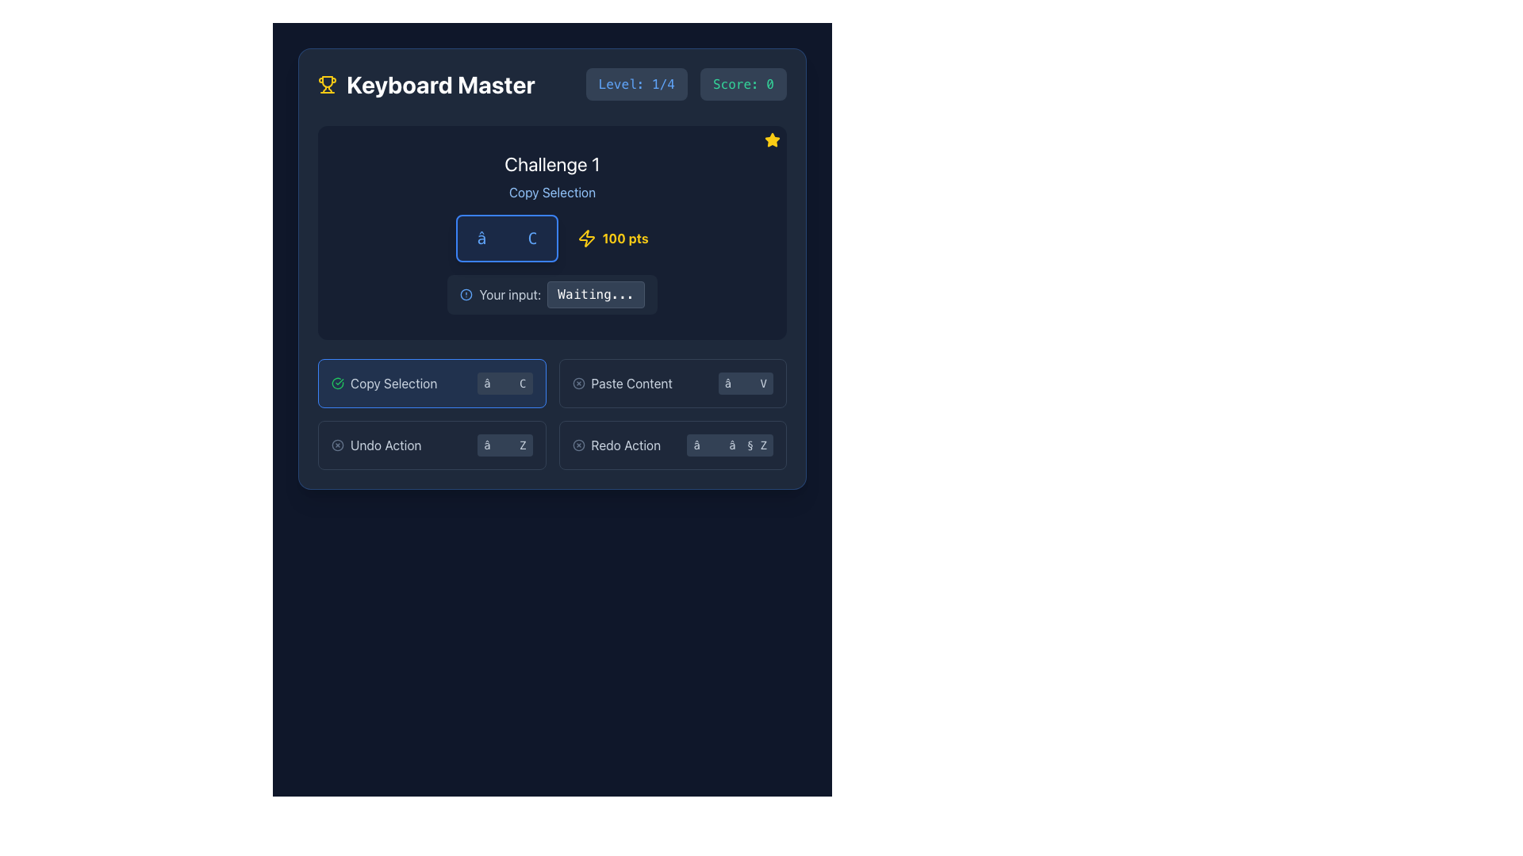 The width and height of the screenshot is (1523, 856). What do you see at coordinates (612, 238) in the screenshot?
I see `the label displaying '100 pts' with a lightning bolt icon, which is prominently positioned to the right of the blue-highlighted section labeled 'C' in the 'Challenge 1' area` at bounding box center [612, 238].